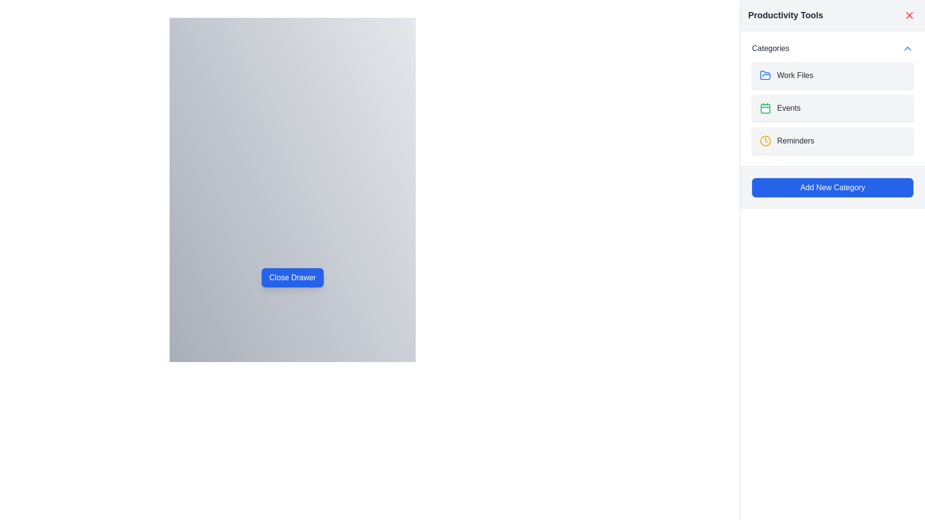 This screenshot has height=520, width=925. What do you see at coordinates (785, 15) in the screenshot?
I see `the text label 'Productivity Tools' which is styled in bold dark gray and located at the top of the sidebar section` at bounding box center [785, 15].